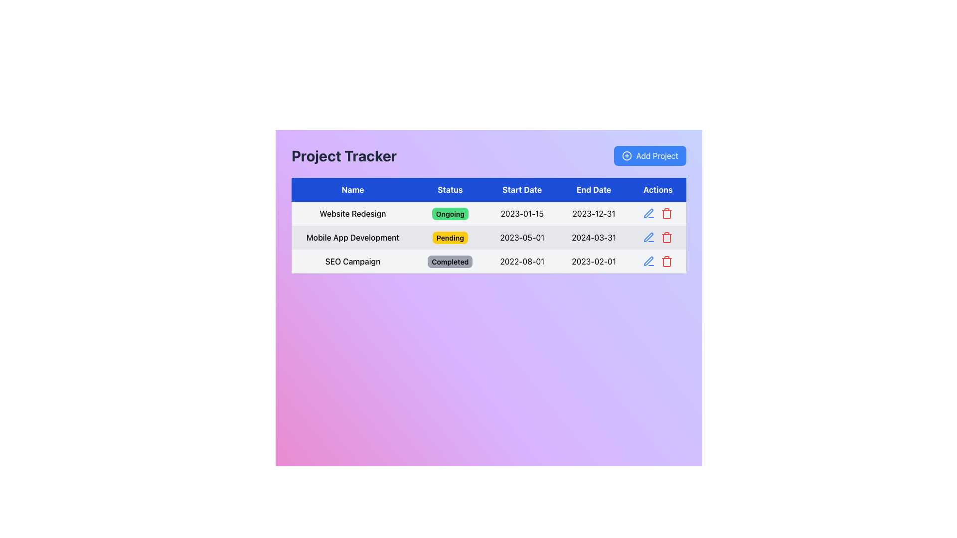 Image resolution: width=957 pixels, height=538 pixels. What do you see at coordinates (658, 238) in the screenshot?
I see `the pencil and trash can icons in the Actions column of the Mobile App Development project table row` at bounding box center [658, 238].